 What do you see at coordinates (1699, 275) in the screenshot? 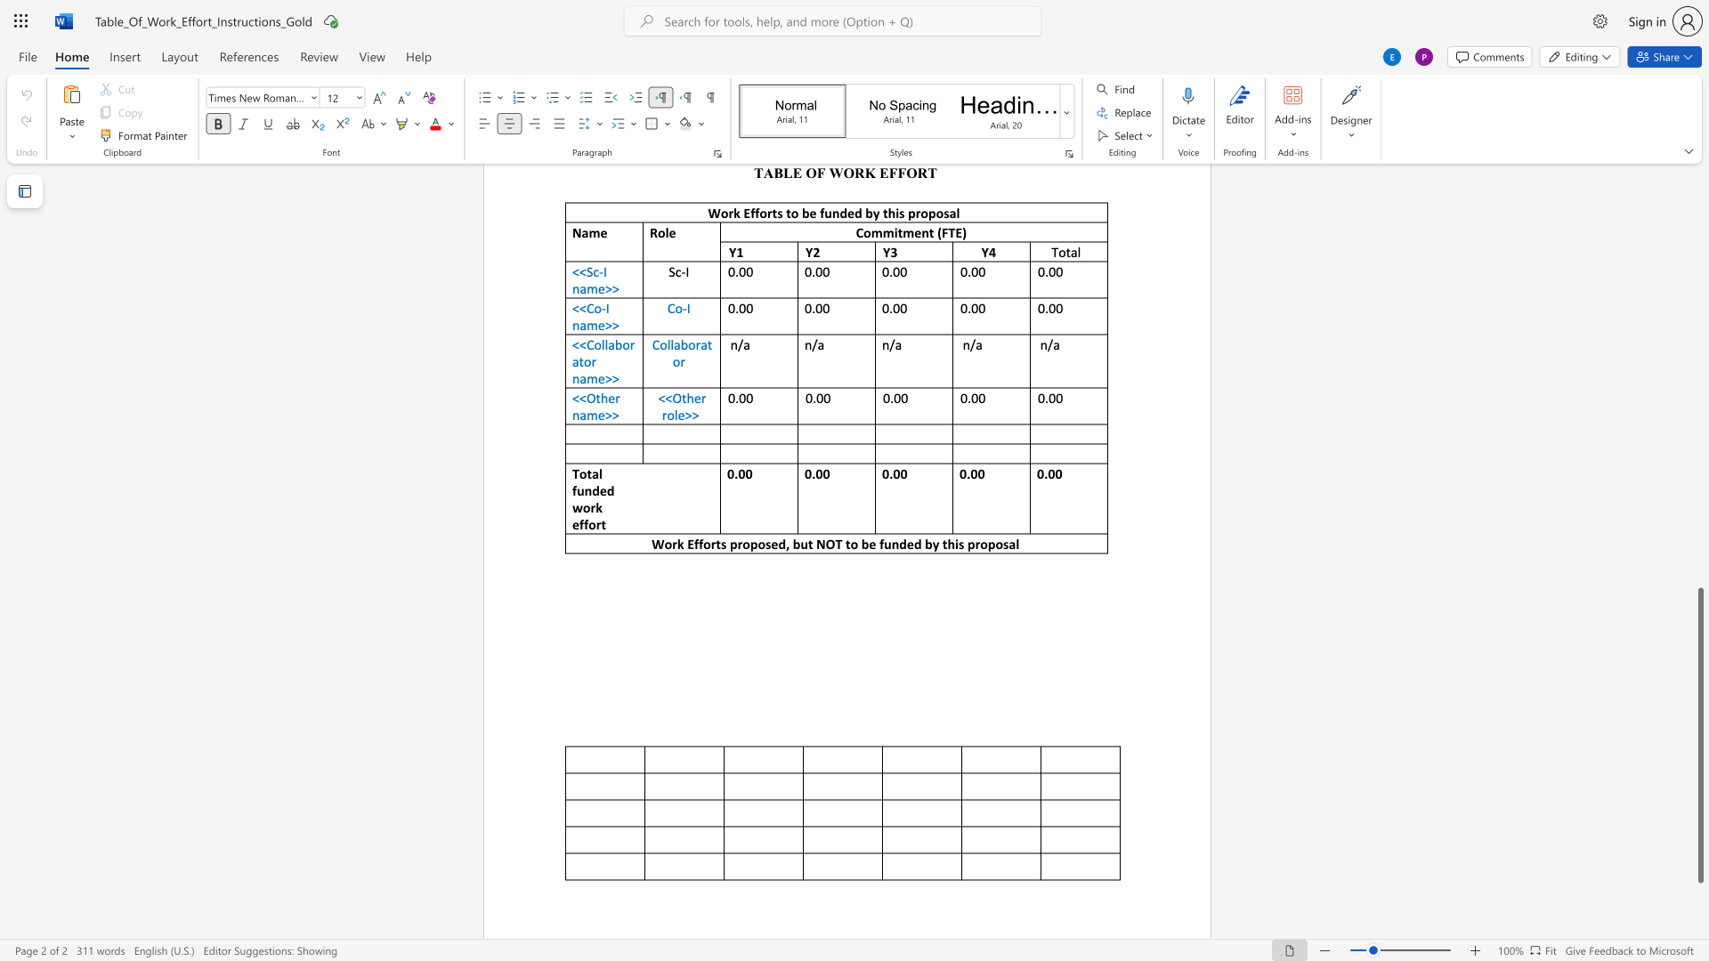
I see `the scrollbar on the right` at bounding box center [1699, 275].